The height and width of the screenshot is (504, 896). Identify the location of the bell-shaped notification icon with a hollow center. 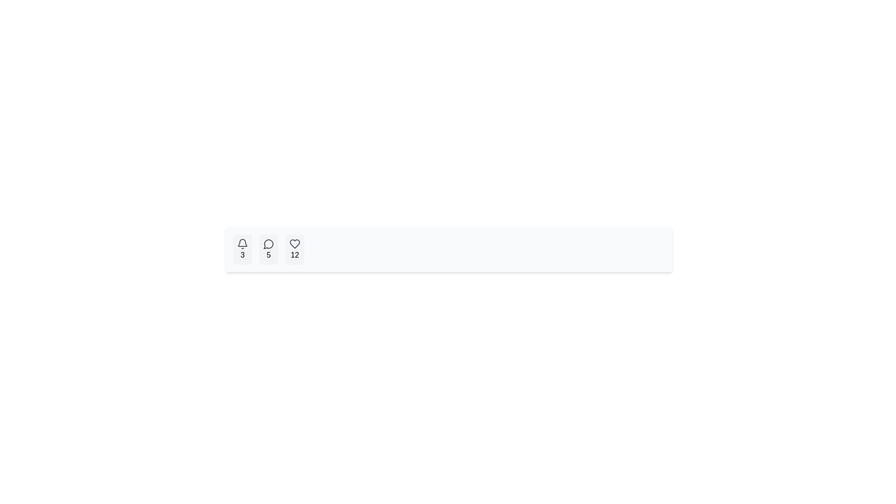
(242, 242).